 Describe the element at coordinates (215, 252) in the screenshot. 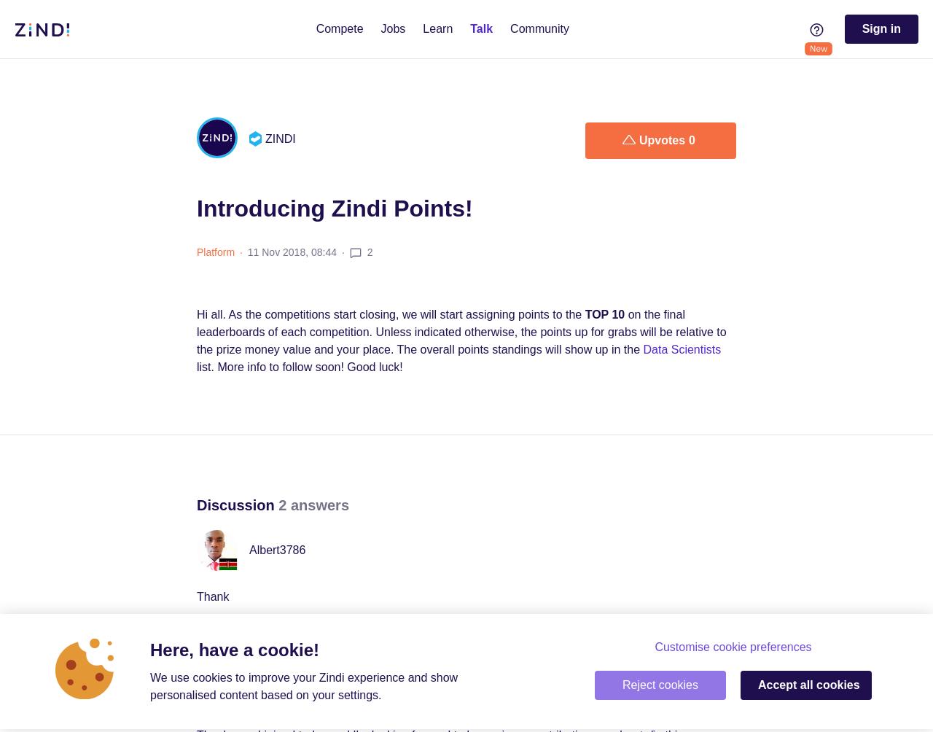

I see `'Platform'` at that location.